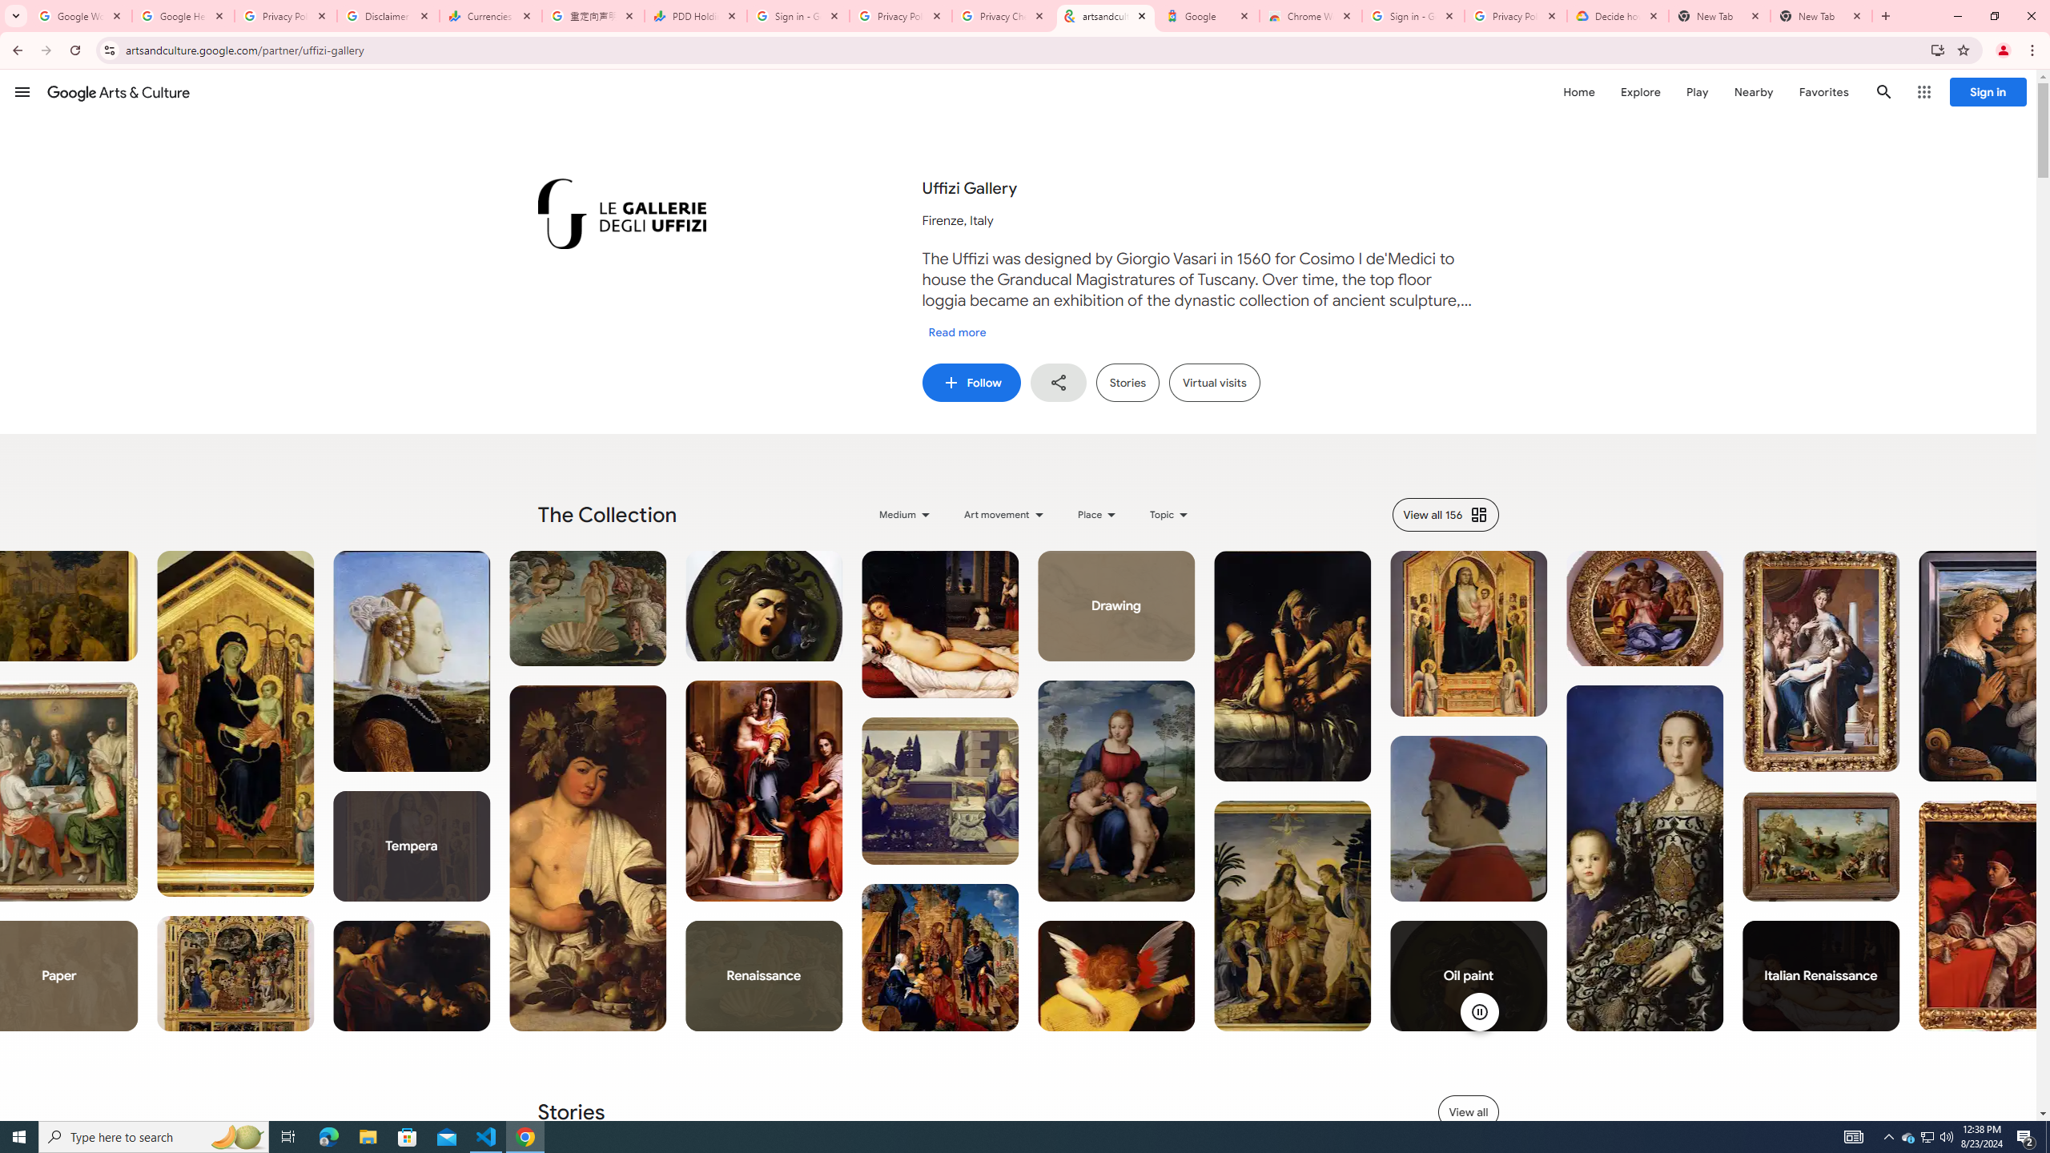 This screenshot has width=2050, height=1153. Describe the element at coordinates (1823, 91) in the screenshot. I see `'Favorites'` at that location.